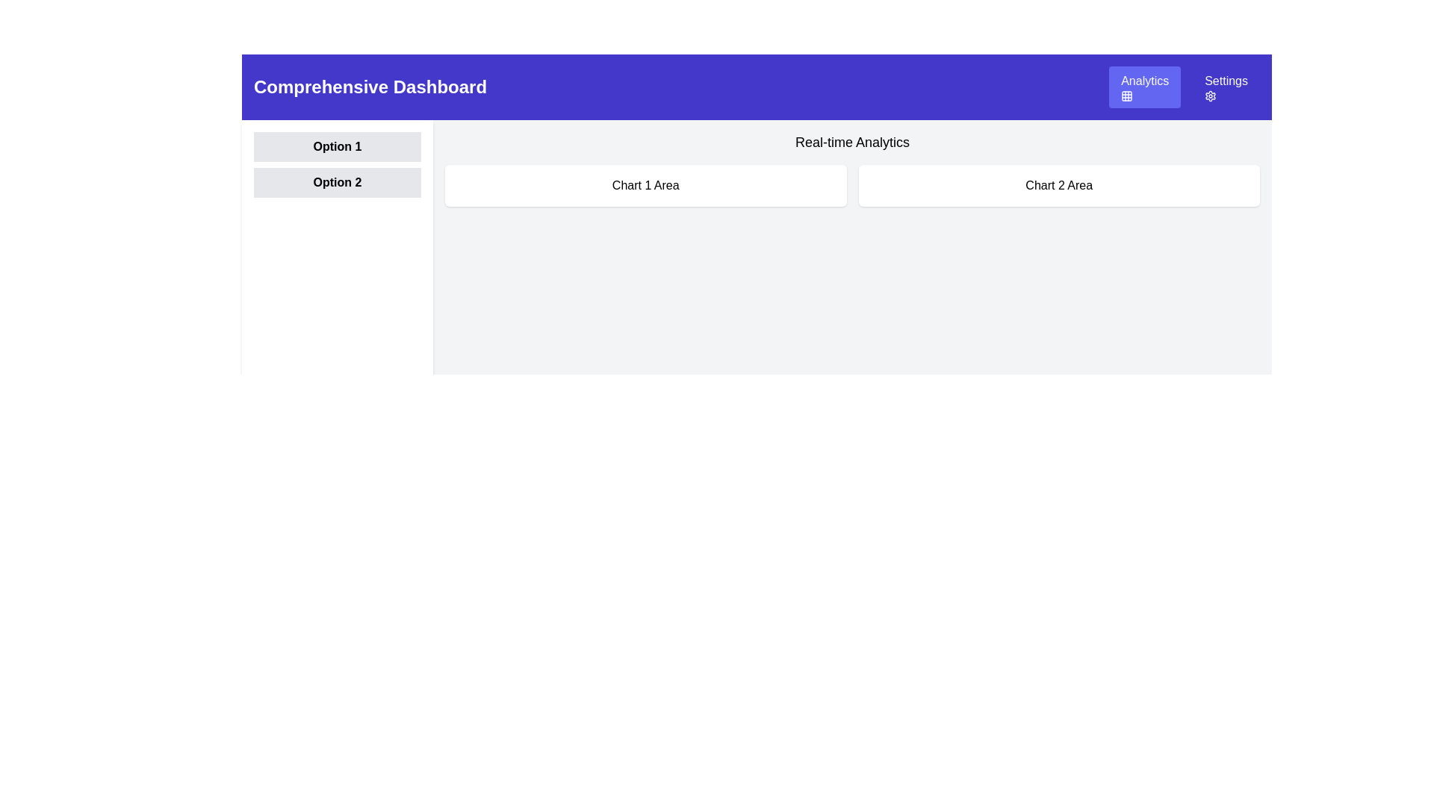 The image size is (1434, 806). Describe the element at coordinates (1226, 87) in the screenshot. I see `the settings button located immediately to the right of the 'Analytics' button` at that location.